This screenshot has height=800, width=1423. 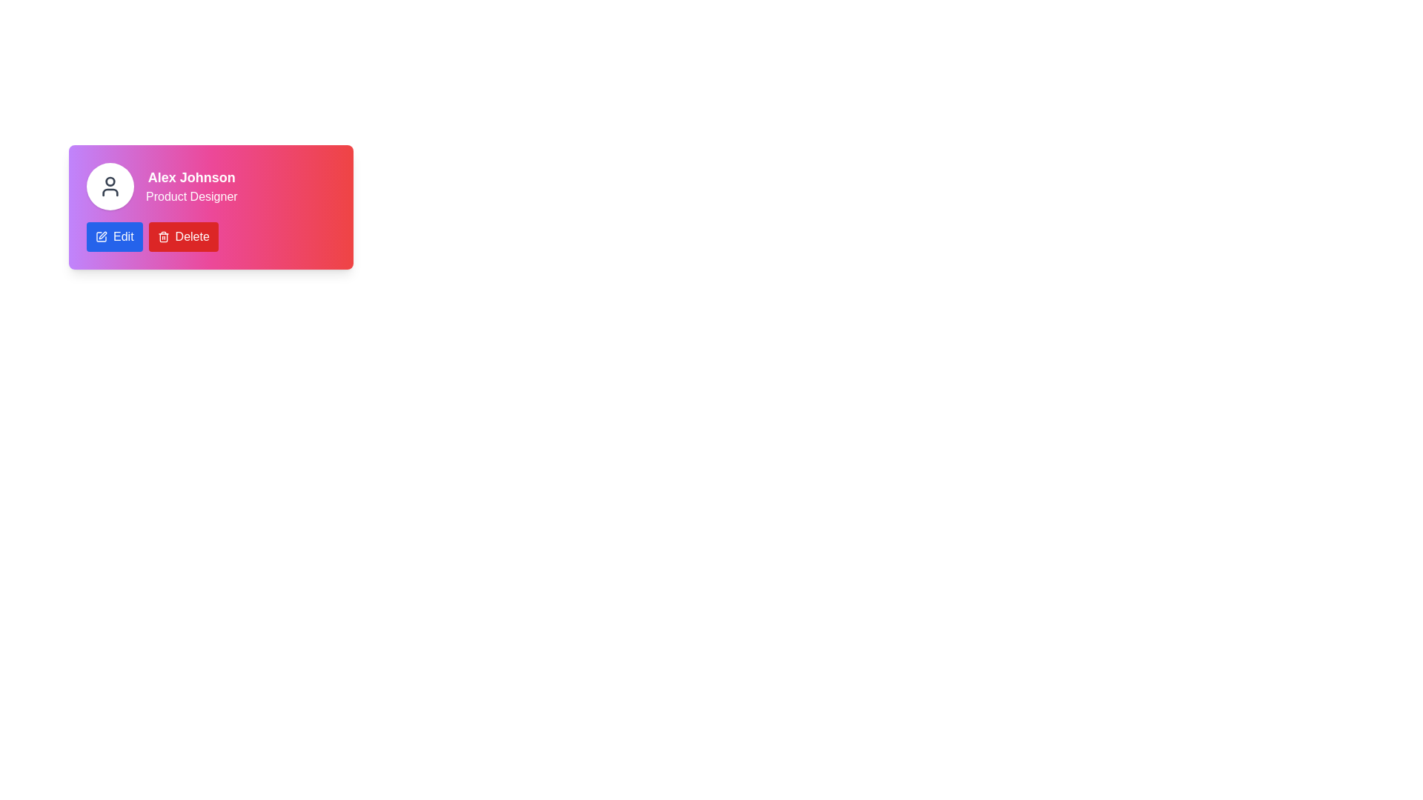 I want to click on the 'Edit' button, which is a rectangular button with a blue background, a white pencil icon on the left, and the text 'Edit' in white on the right, so click(x=113, y=236).